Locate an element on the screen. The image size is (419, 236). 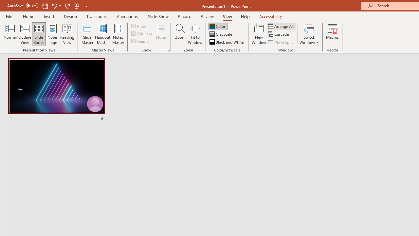
'Macros' is located at coordinates (333, 34).